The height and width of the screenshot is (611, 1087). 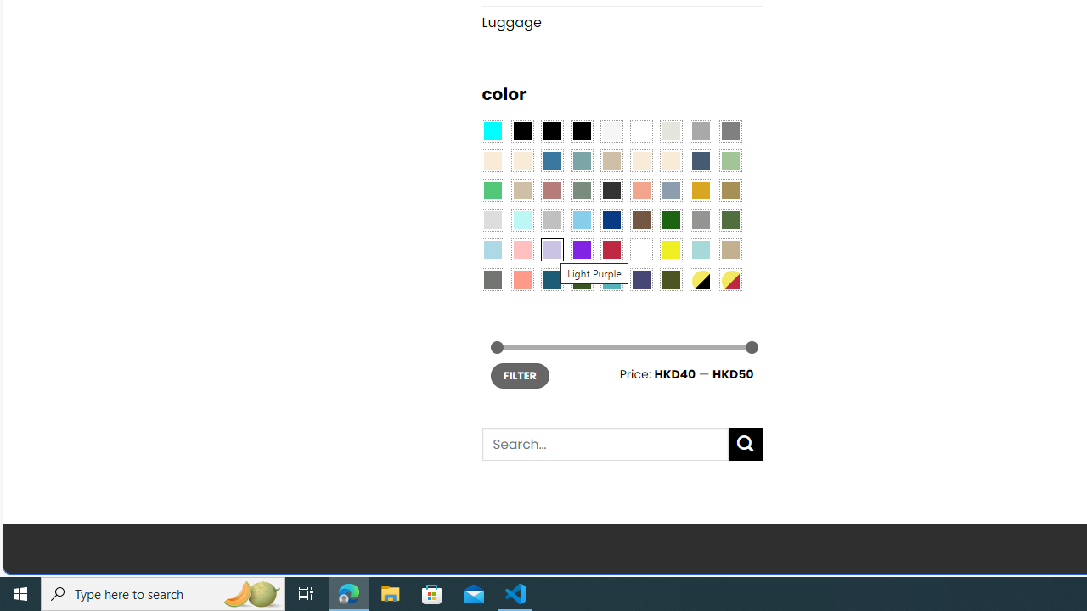 What do you see at coordinates (581, 130) in the screenshot?
I see `'Black-Brown'` at bounding box center [581, 130].